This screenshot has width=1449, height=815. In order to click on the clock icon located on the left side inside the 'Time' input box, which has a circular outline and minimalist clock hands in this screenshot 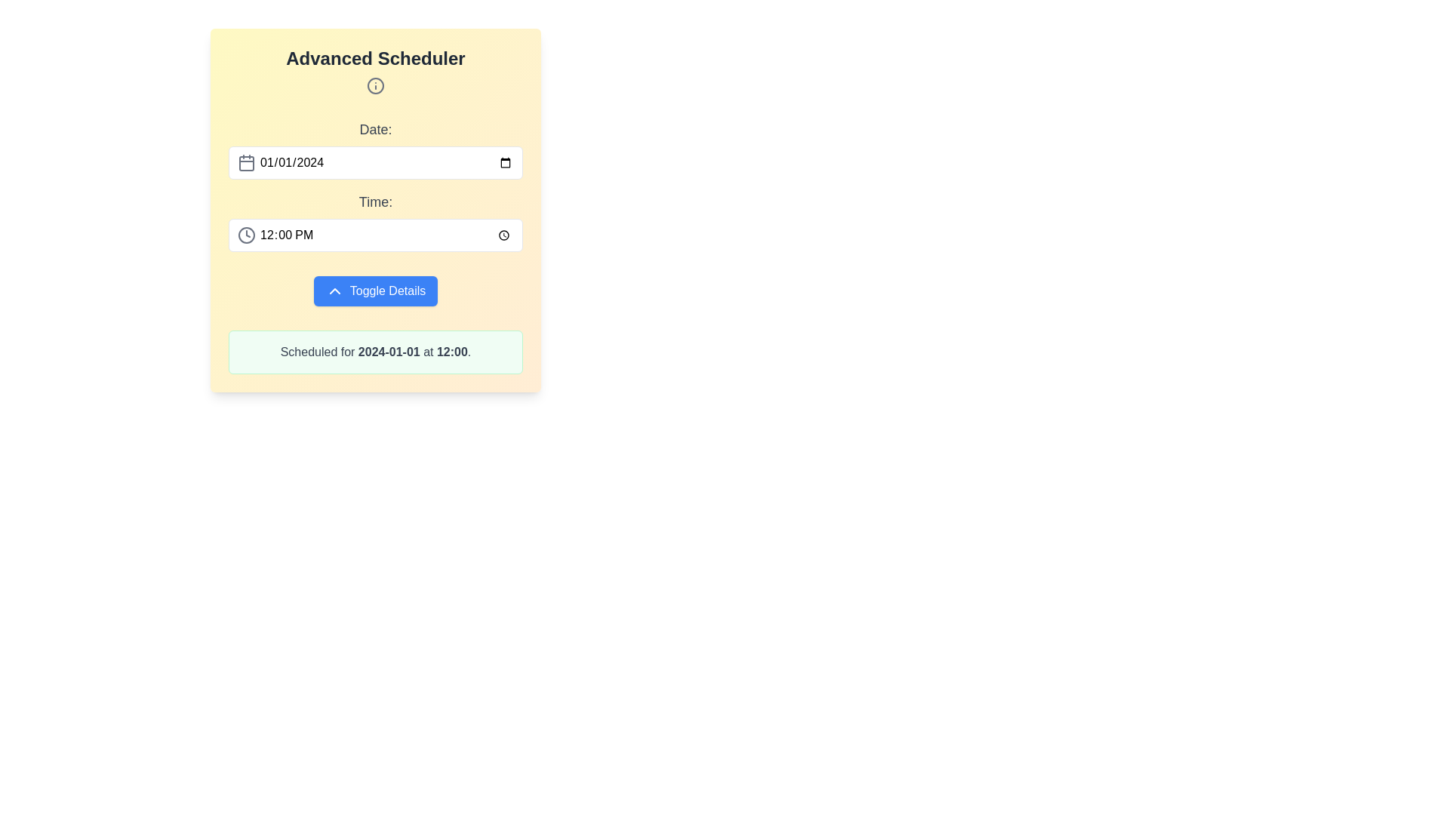, I will do `click(246, 235)`.